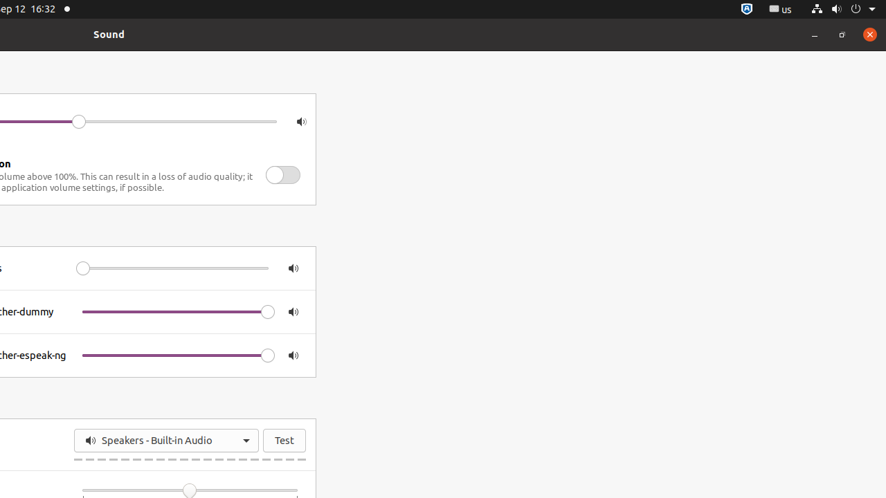 The height and width of the screenshot is (498, 886). I want to click on 'Sound', so click(108, 33).